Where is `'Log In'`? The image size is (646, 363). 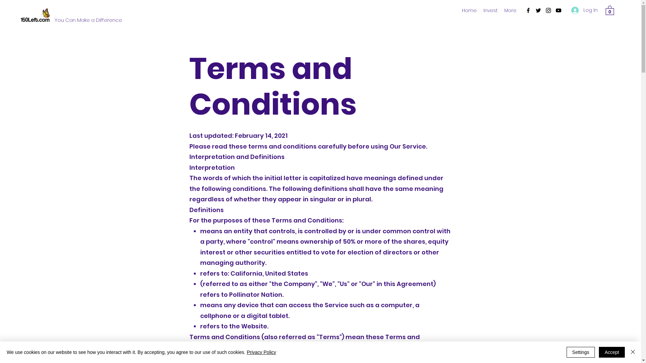
'Log In' is located at coordinates (566, 10).